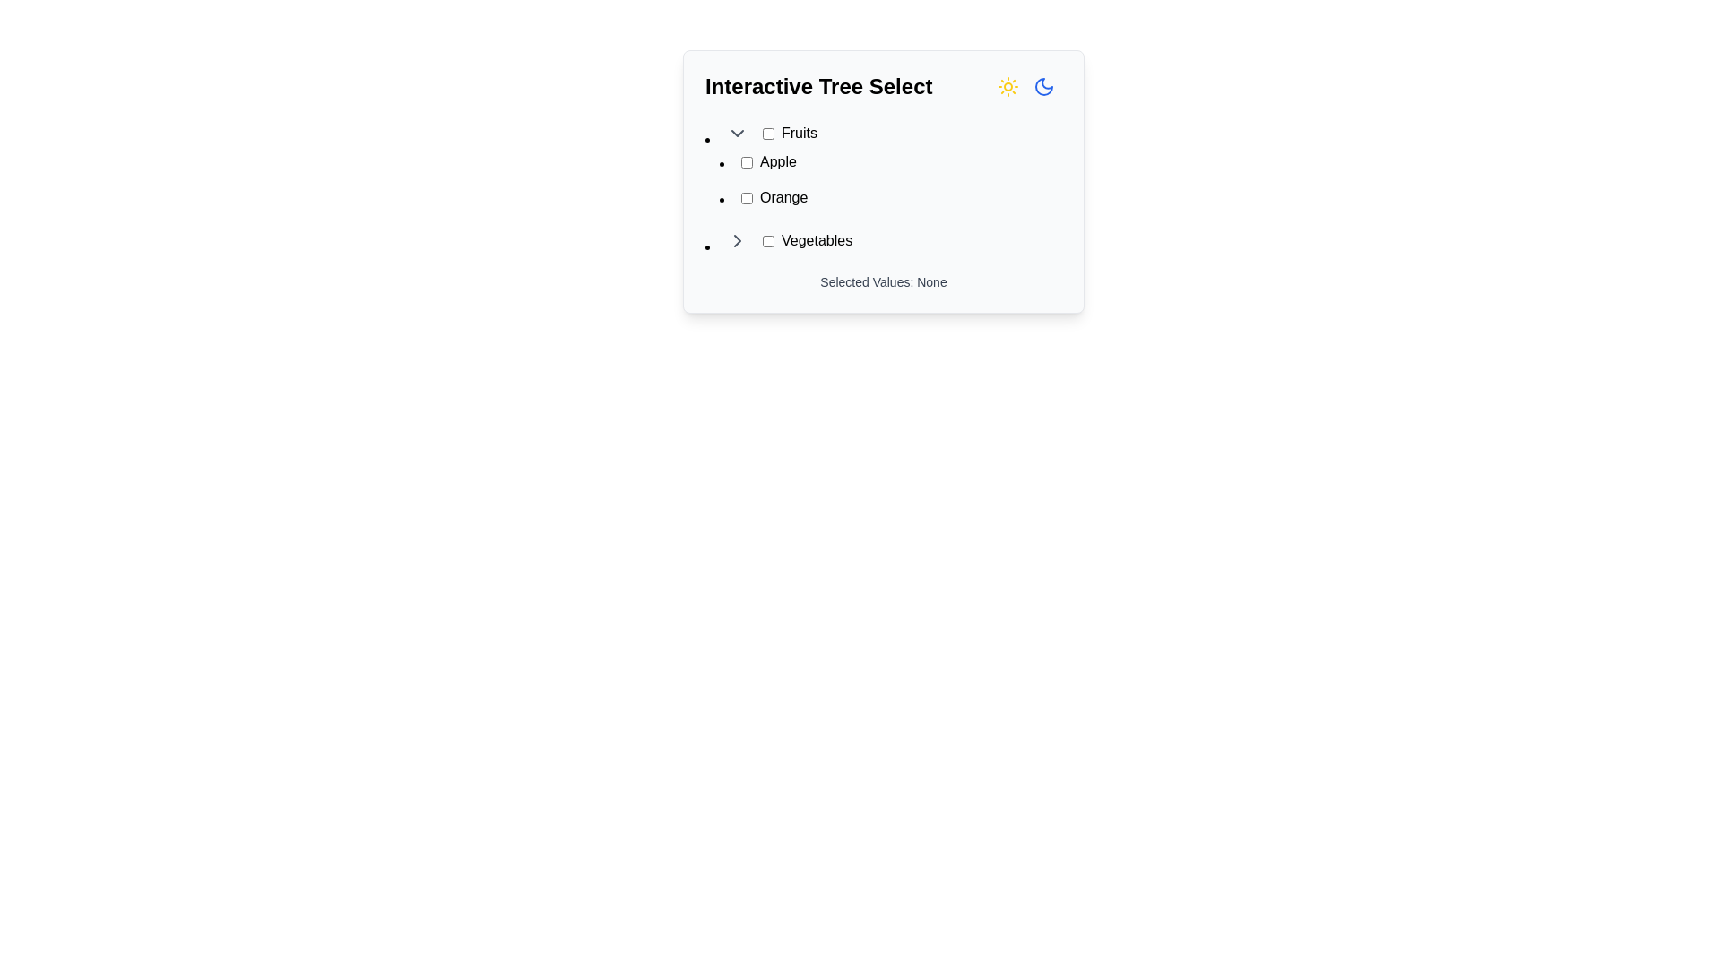  What do you see at coordinates (1044, 86) in the screenshot?
I see `the blue moon-shaped icon in the top-right corner of the card's header` at bounding box center [1044, 86].